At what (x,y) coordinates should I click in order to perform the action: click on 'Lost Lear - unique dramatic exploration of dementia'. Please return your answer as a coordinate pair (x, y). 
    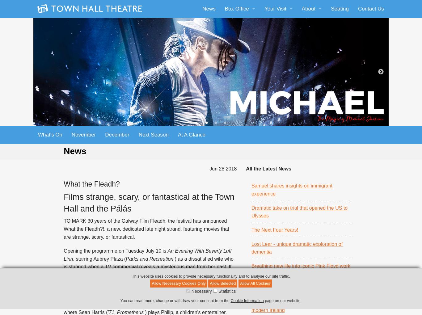
    Looking at the image, I should click on (297, 247).